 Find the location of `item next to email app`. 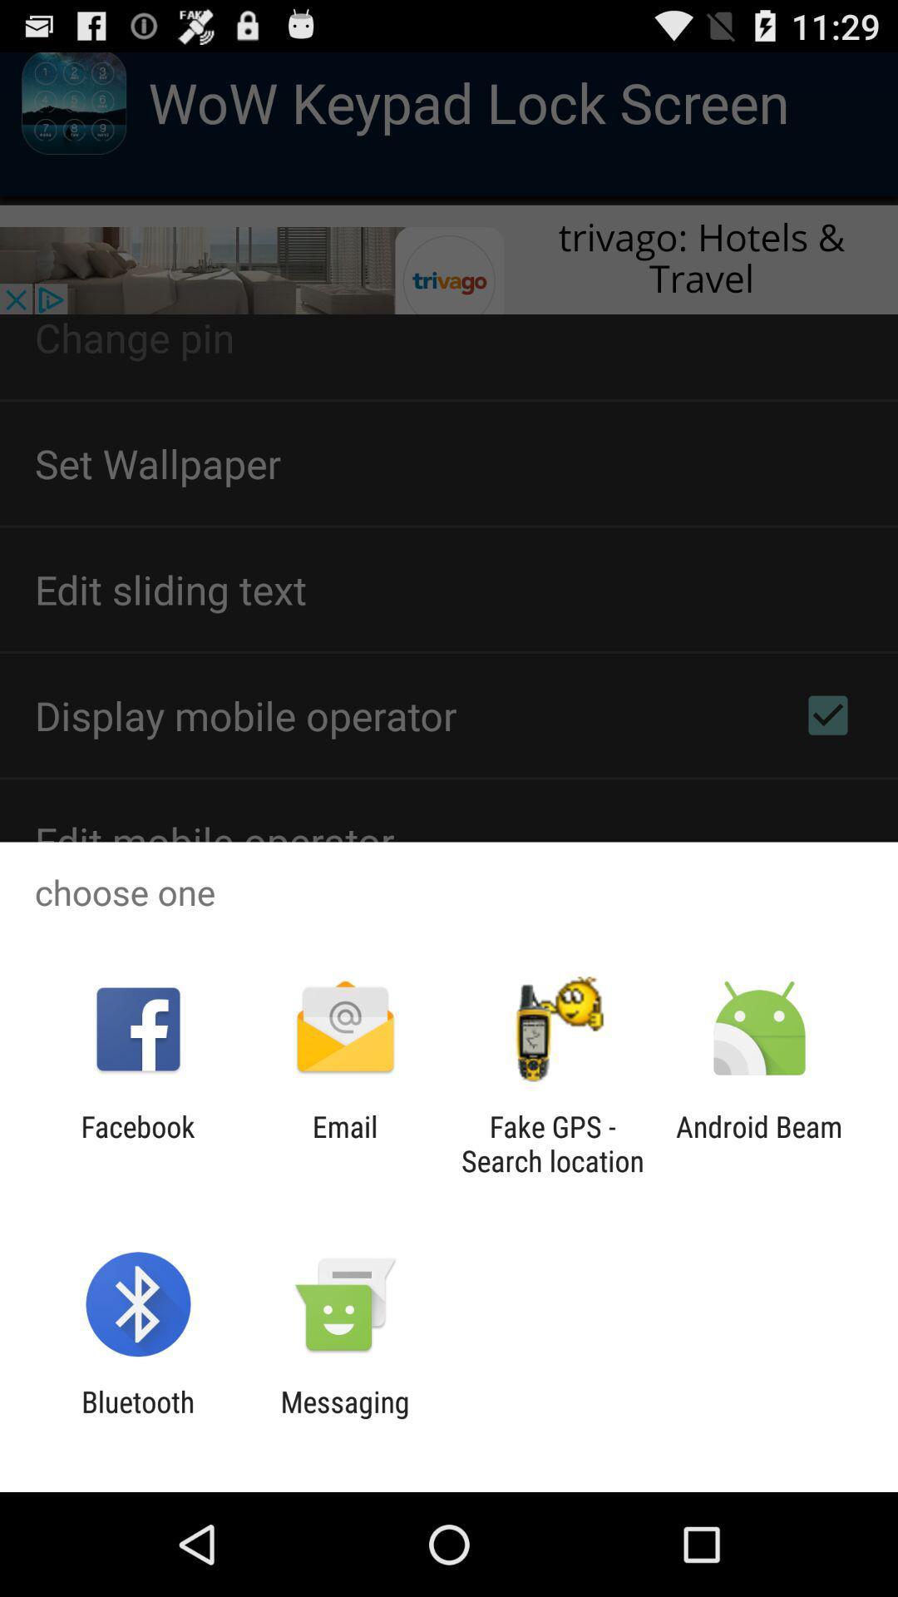

item next to email app is located at coordinates (137, 1143).